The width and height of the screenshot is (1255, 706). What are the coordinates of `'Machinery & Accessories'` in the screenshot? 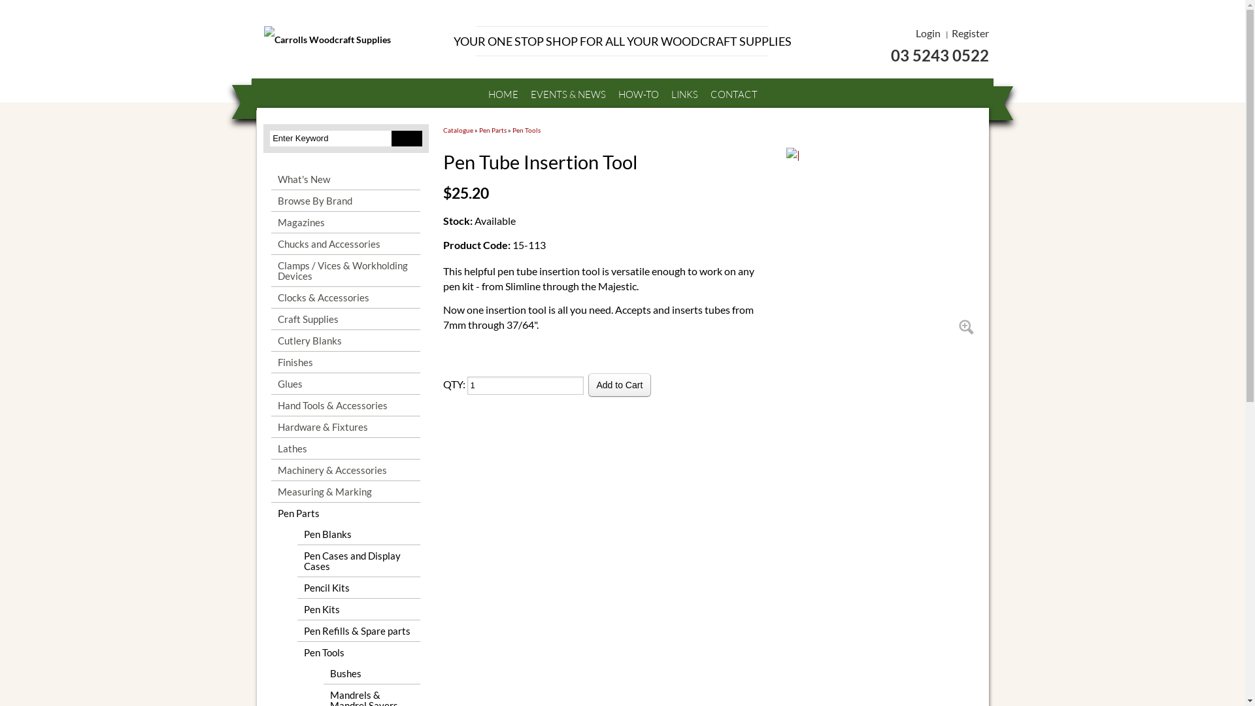 It's located at (270, 469).